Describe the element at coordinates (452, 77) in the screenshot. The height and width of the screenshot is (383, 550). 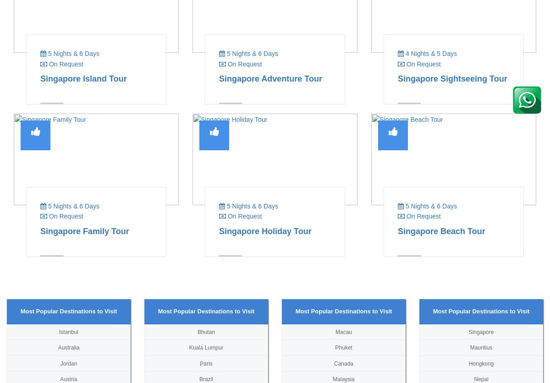
I see `'Singapore Sightseeing Tour'` at that location.